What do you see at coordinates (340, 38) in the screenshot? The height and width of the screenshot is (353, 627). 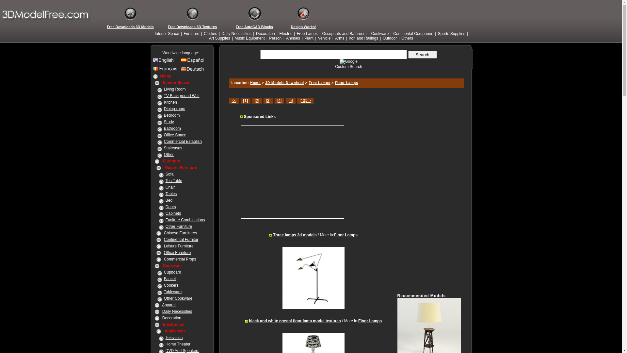 I see `'Arms'` at bounding box center [340, 38].